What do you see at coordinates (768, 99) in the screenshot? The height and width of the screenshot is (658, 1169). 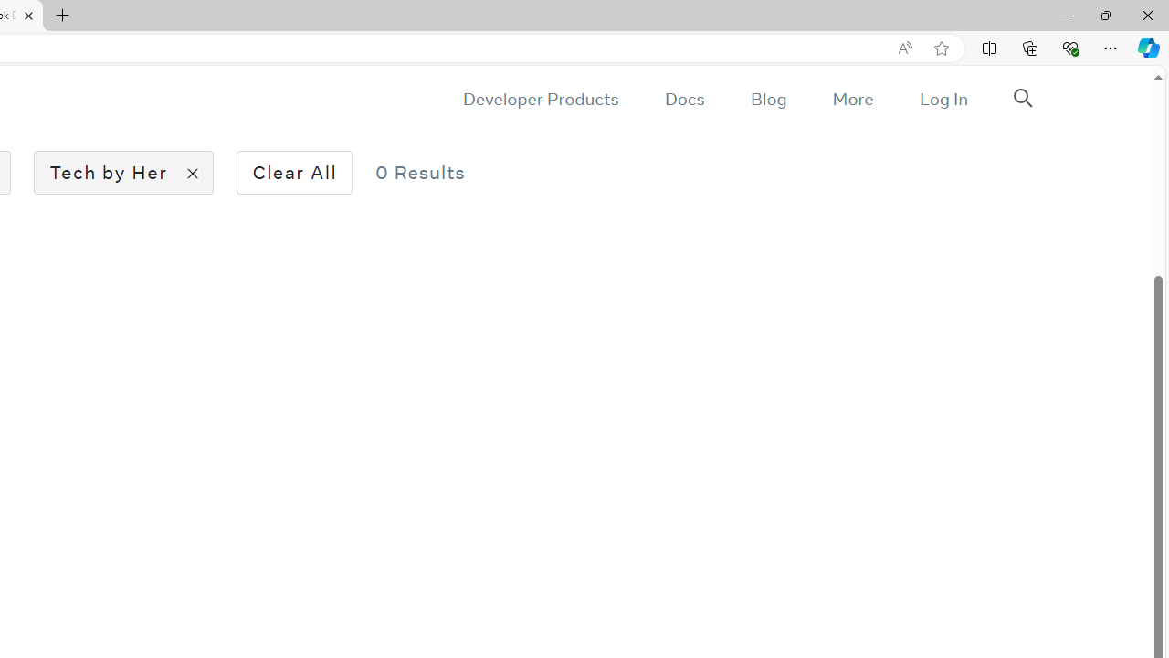 I see `'Blog'` at bounding box center [768, 99].